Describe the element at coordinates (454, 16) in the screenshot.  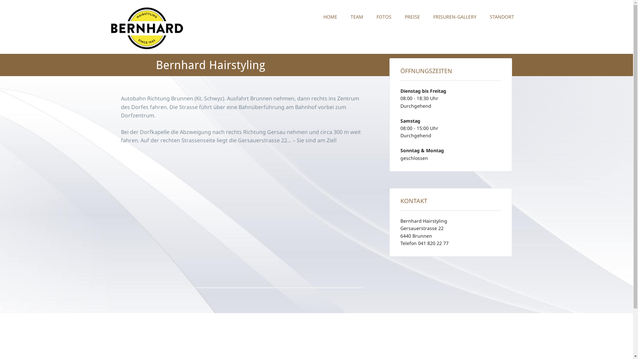
I see `'FRISUREN-GALLERY'` at that location.